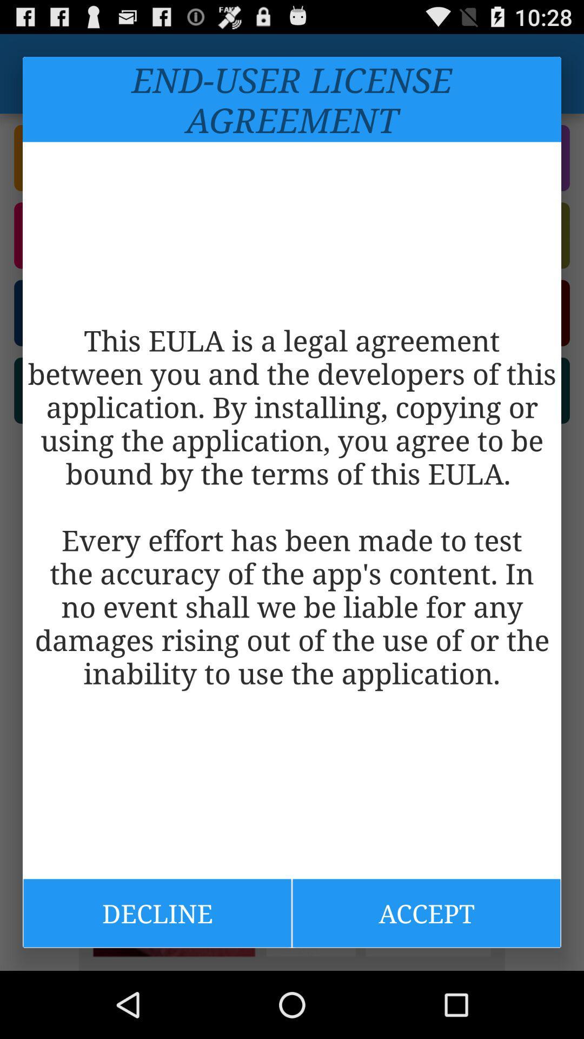  Describe the element at coordinates (426, 912) in the screenshot. I see `the icon to the right of decline item` at that location.